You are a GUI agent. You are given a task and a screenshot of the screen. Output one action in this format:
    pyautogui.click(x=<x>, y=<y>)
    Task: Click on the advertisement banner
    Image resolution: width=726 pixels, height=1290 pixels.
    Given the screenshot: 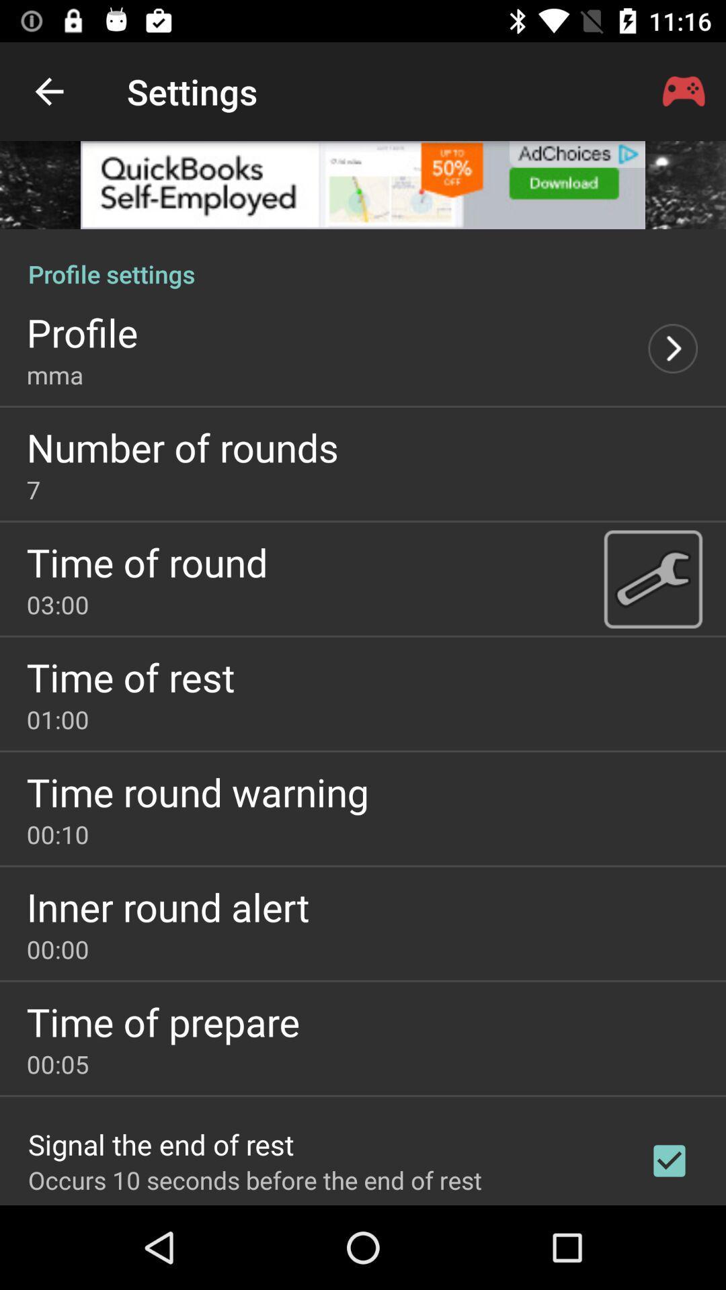 What is the action you would take?
    pyautogui.click(x=363, y=184)
    